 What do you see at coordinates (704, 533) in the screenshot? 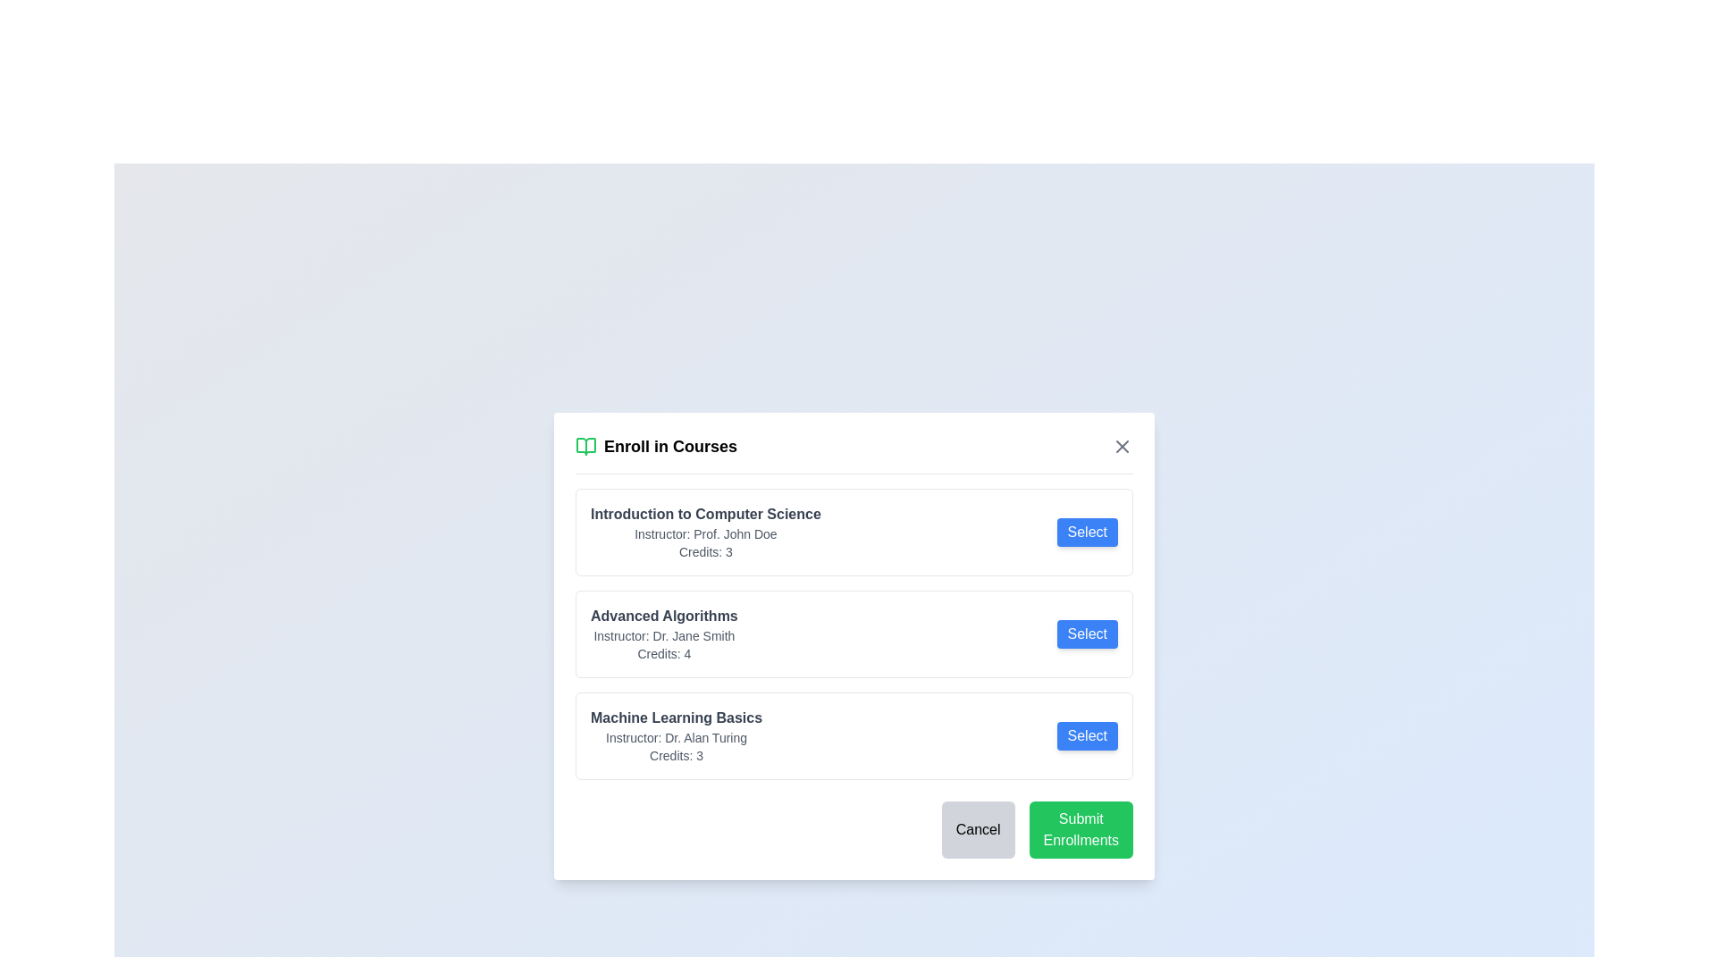
I see `the Text label displaying the course instructor's name, which is located directly beneath 'Introduction to Computer Science' and above 'Credits: 3'` at bounding box center [704, 533].